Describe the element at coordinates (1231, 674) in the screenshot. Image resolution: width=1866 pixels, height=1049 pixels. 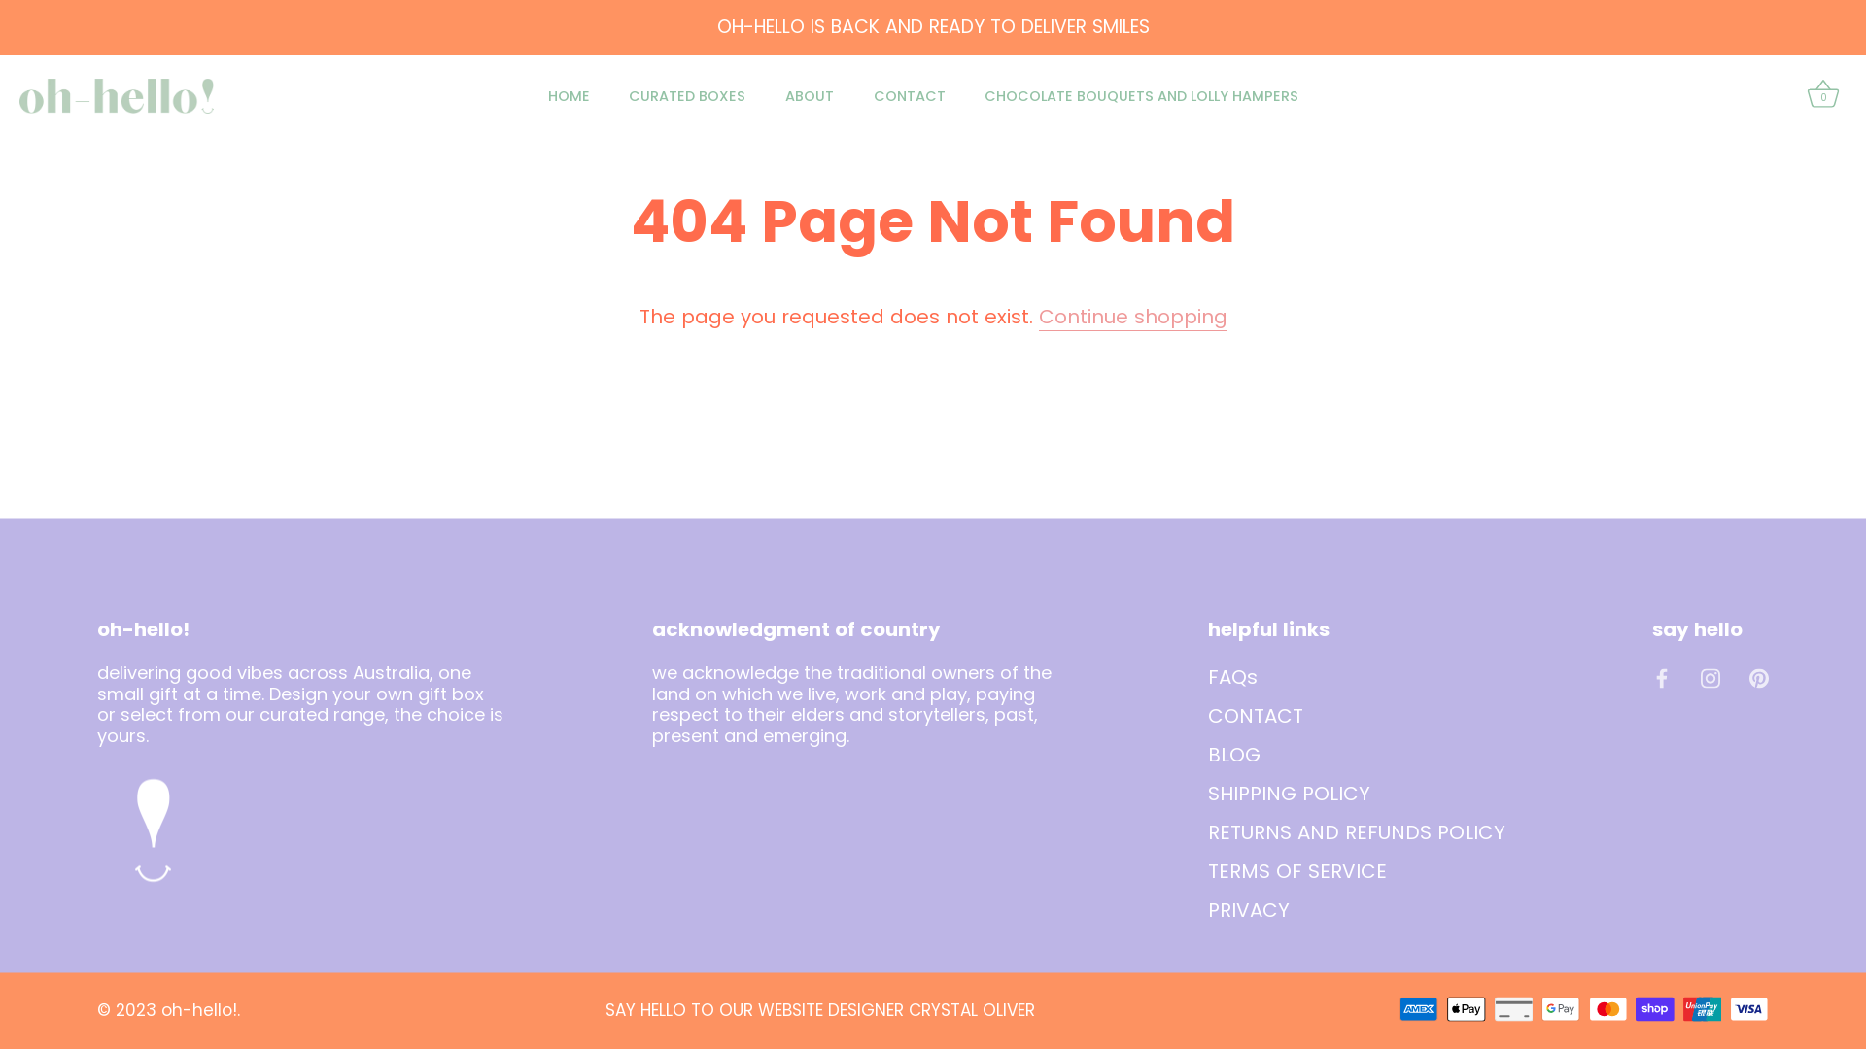
I see `'FAQs'` at that location.